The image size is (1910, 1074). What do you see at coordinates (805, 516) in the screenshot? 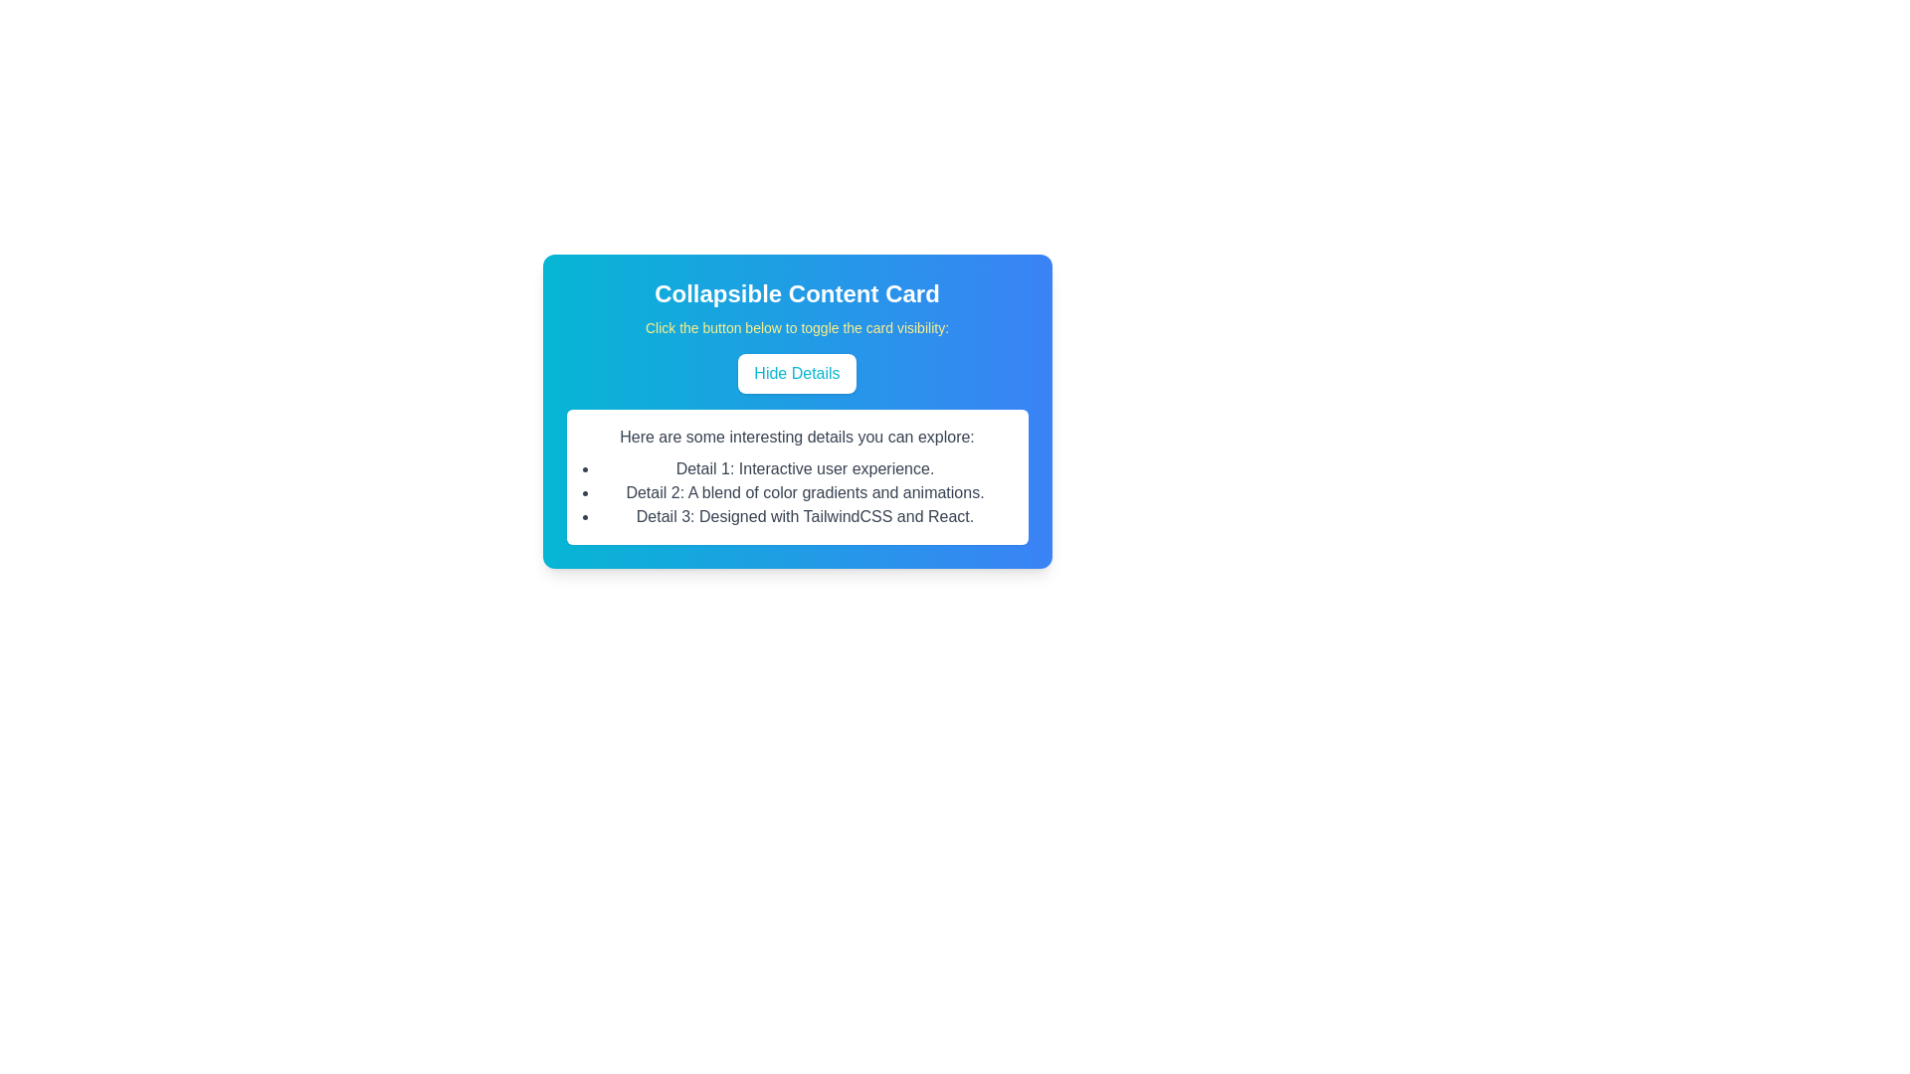
I see `the text element that reads 'Detail 3: Designed with TailwindCSS and React.' which is the third item in a vertical bullet-point list` at bounding box center [805, 516].